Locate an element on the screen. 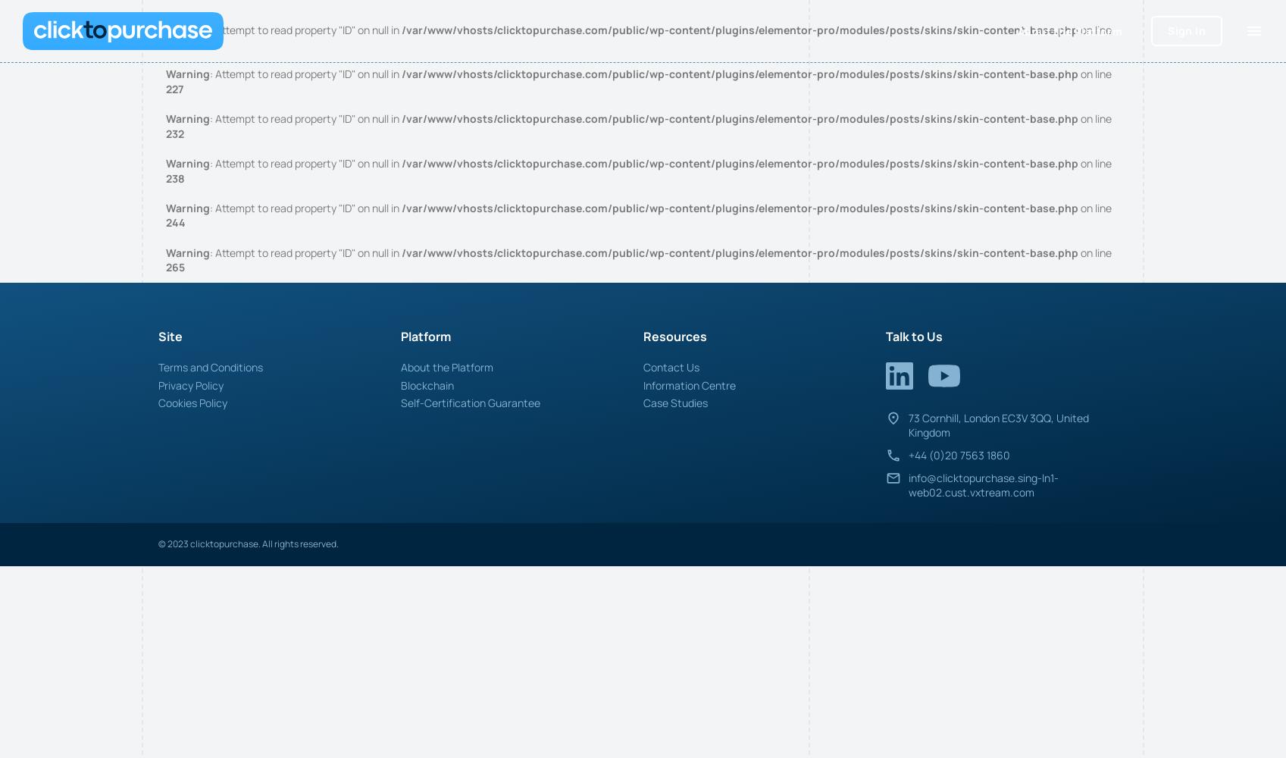 This screenshot has width=1286, height=758. '220' is located at coordinates (174, 44).